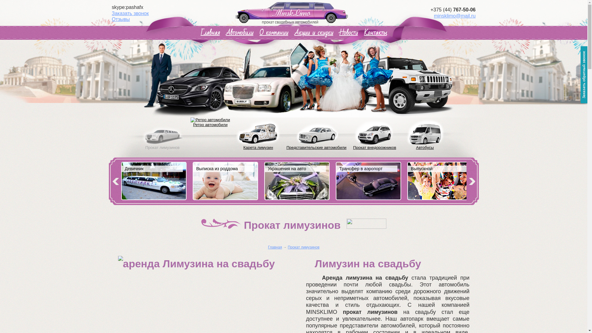  Describe the element at coordinates (192, 181) in the screenshot. I see `'#slide_55'` at that location.